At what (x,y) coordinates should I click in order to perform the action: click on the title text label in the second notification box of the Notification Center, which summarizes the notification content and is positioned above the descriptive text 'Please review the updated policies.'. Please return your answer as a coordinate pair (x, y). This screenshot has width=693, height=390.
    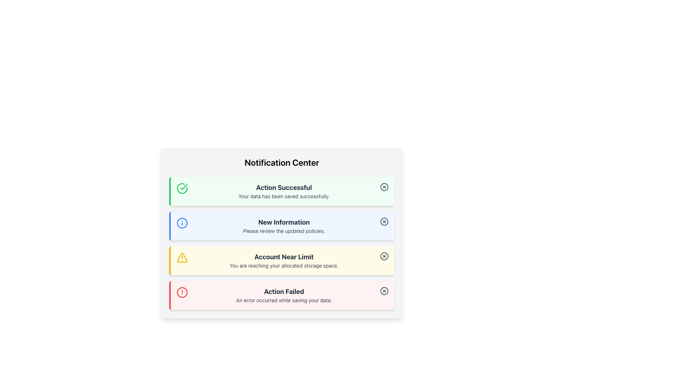
    Looking at the image, I should click on (284, 222).